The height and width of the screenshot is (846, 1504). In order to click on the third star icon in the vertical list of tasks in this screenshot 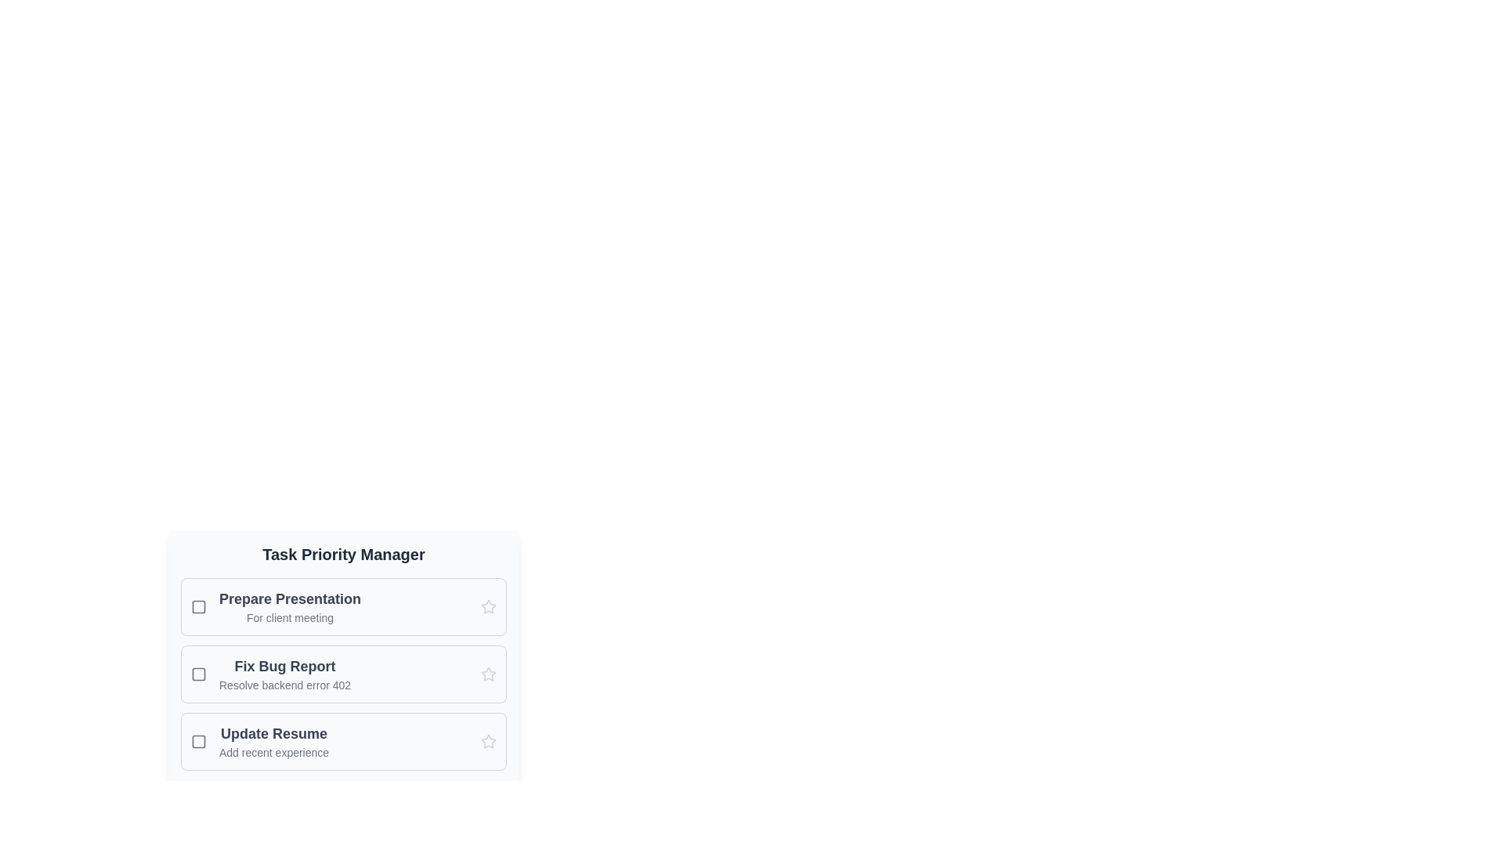, I will do `click(488, 740)`.